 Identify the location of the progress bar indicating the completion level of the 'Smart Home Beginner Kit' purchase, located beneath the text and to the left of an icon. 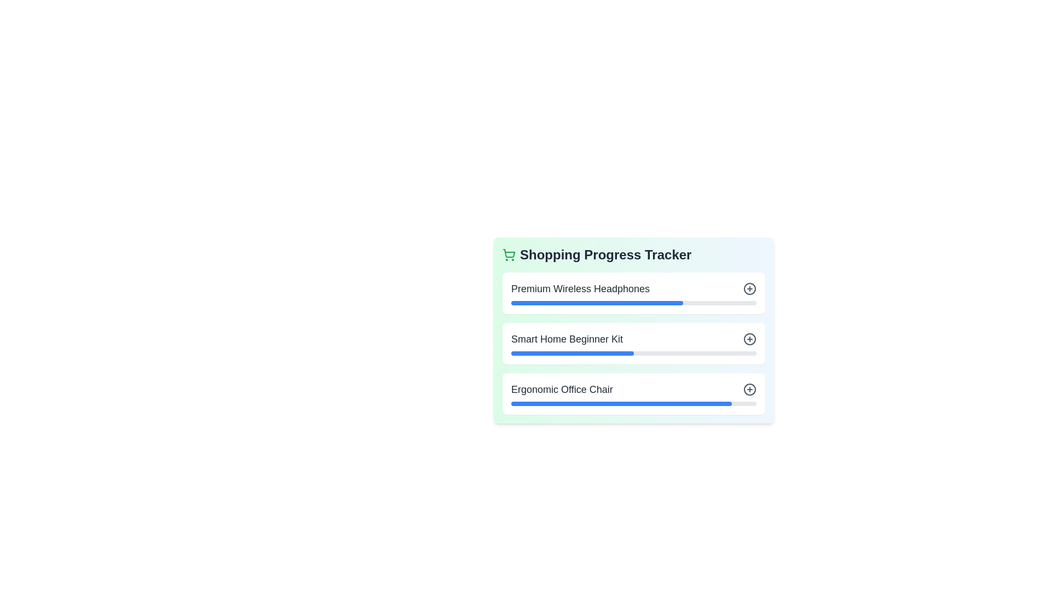
(633, 353).